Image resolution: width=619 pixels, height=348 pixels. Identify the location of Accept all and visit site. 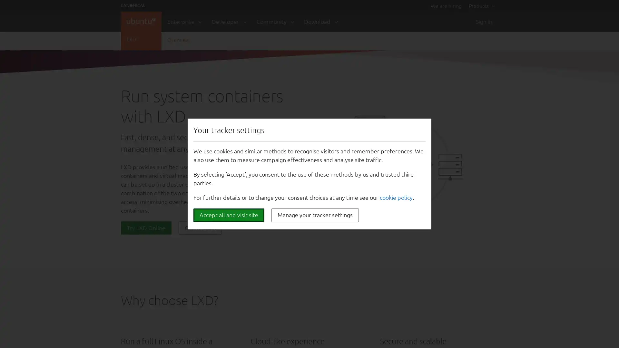
(229, 215).